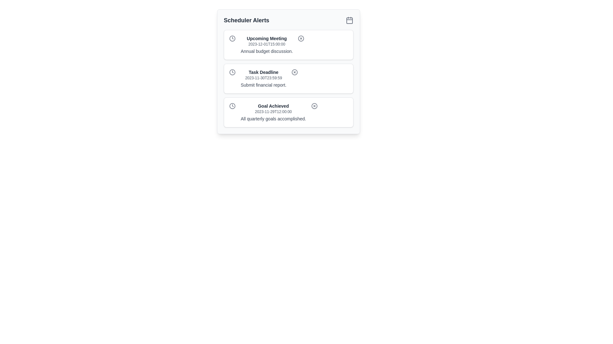 This screenshot has height=344, width=613. What do you see at coordinates (263, 72) in the screenshot?
I see `the 'Task Deadline' text label, which is styled with a small bold font in dark gray and is located at the top of the middle notification card in the 'Scheduler Alerts' widget` at bounding box center [263, 72].